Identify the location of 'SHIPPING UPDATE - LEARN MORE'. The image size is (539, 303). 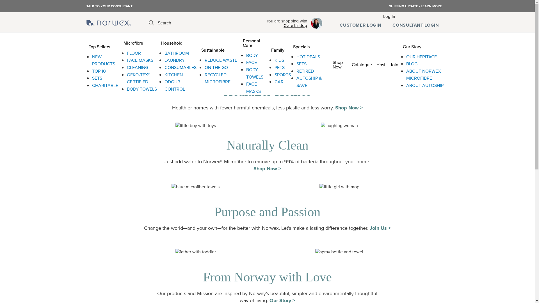
(415, 6).